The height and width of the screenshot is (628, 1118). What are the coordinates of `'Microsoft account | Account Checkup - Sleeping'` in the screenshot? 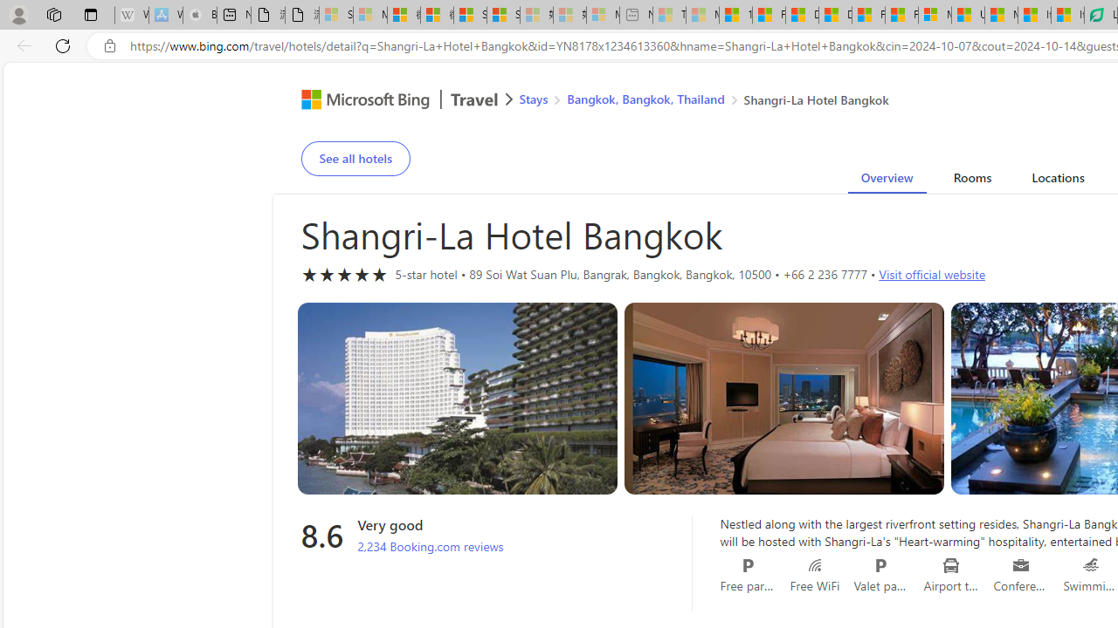 It's located at (603, 15).